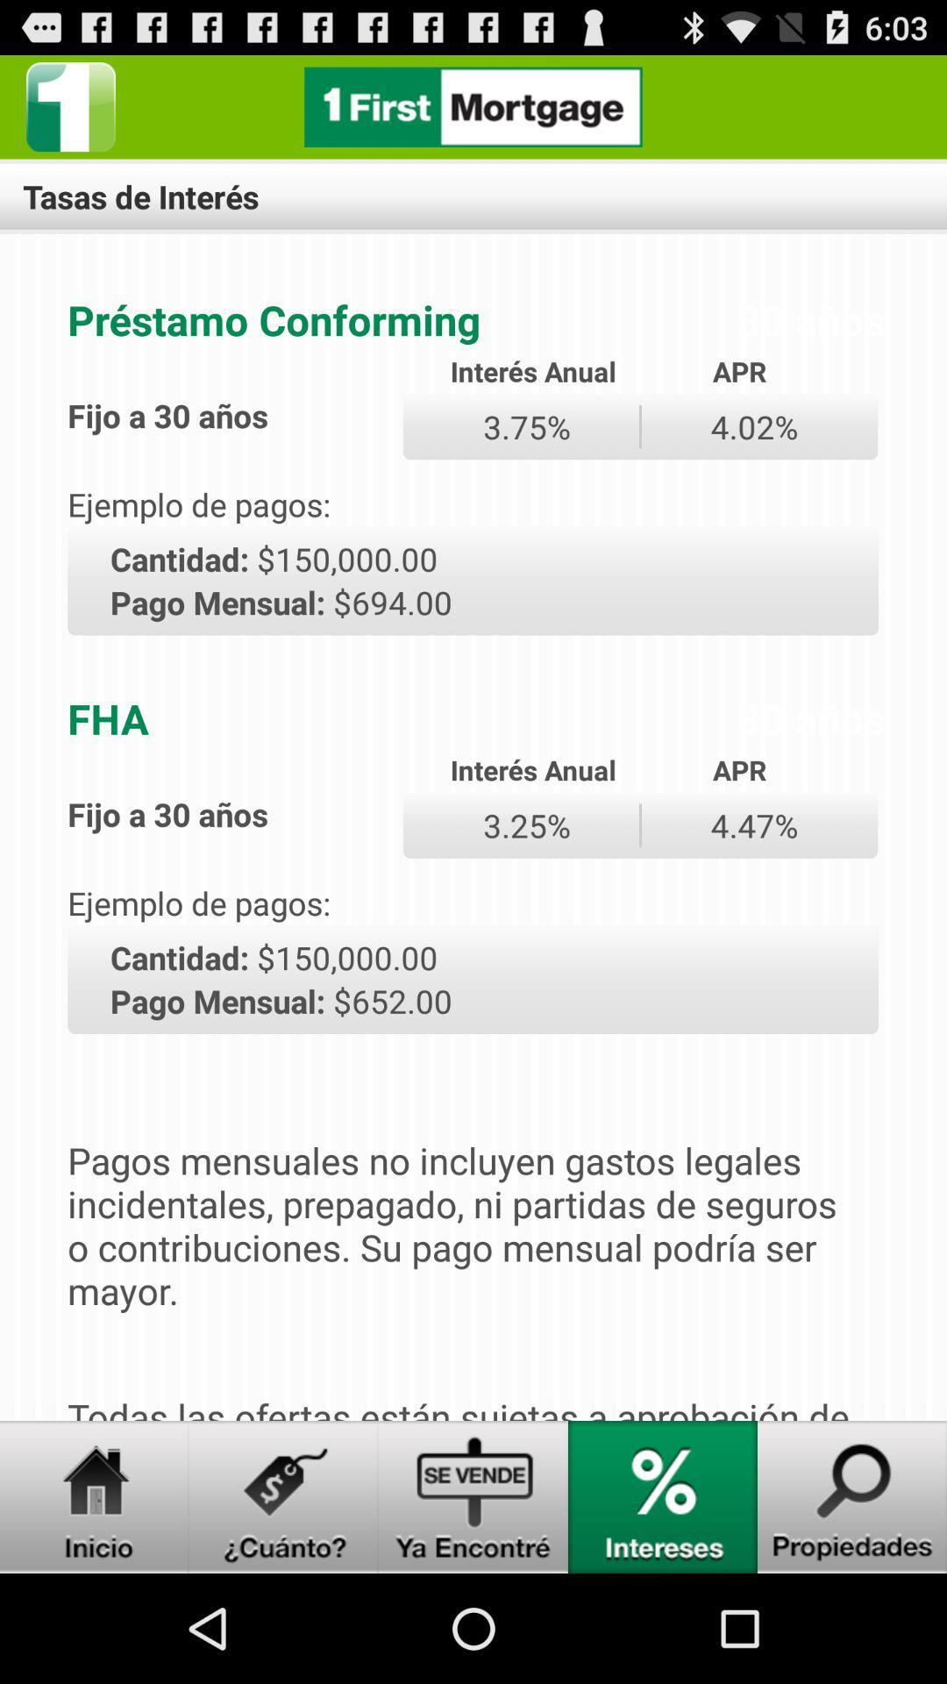  I want to click on home page link, so click(473, 106).